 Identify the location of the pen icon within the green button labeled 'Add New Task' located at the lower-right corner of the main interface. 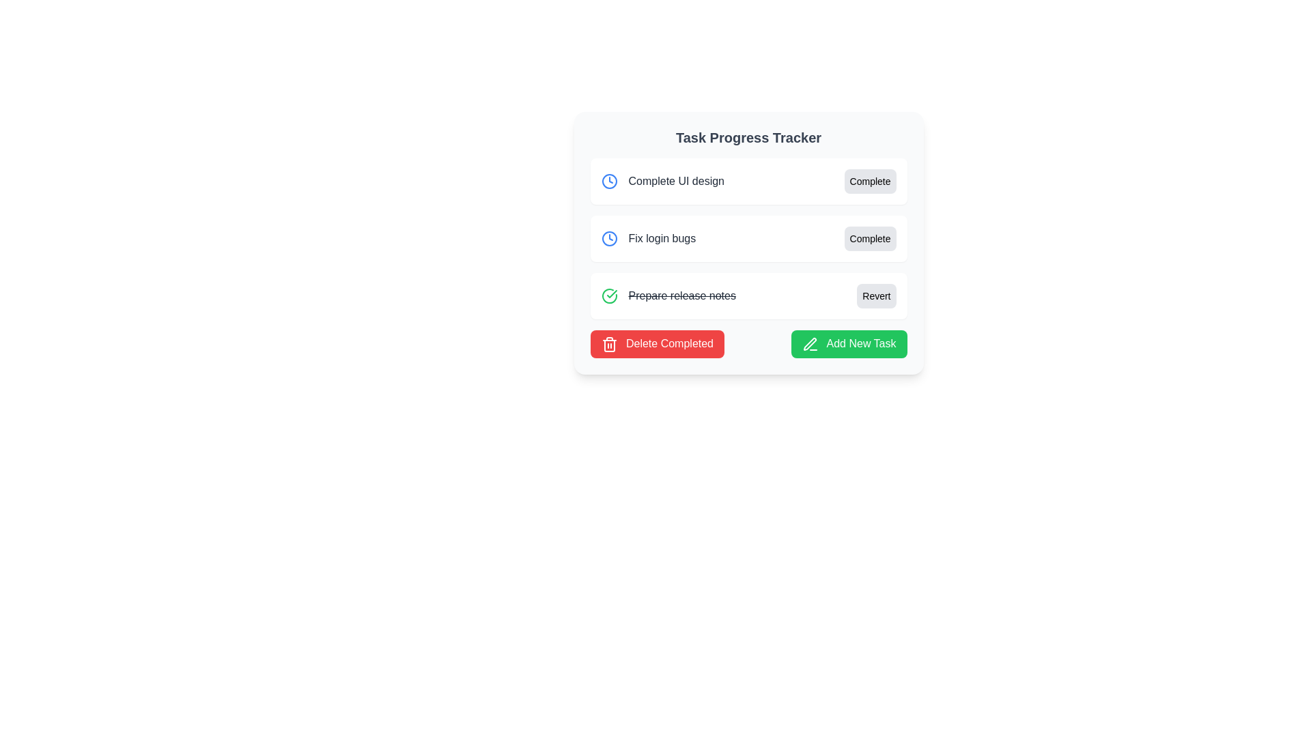
(810, 343).